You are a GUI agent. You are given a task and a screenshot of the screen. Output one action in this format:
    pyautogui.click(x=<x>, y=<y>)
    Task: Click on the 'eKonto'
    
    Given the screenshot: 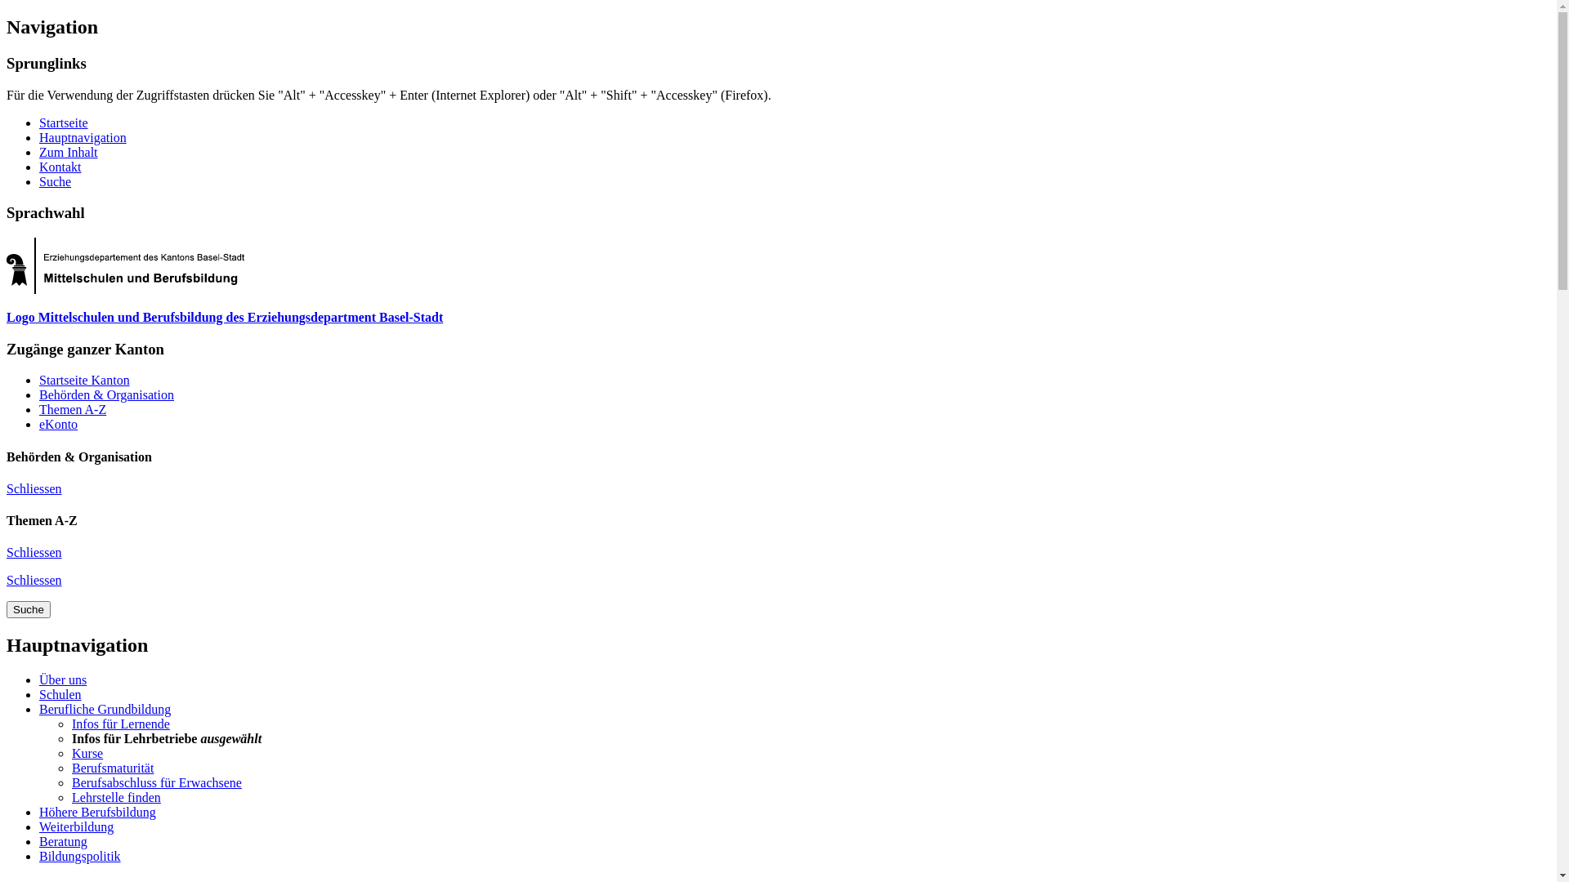 What is the action you would take?
    pyautogui.click(x=58, y=423)
    